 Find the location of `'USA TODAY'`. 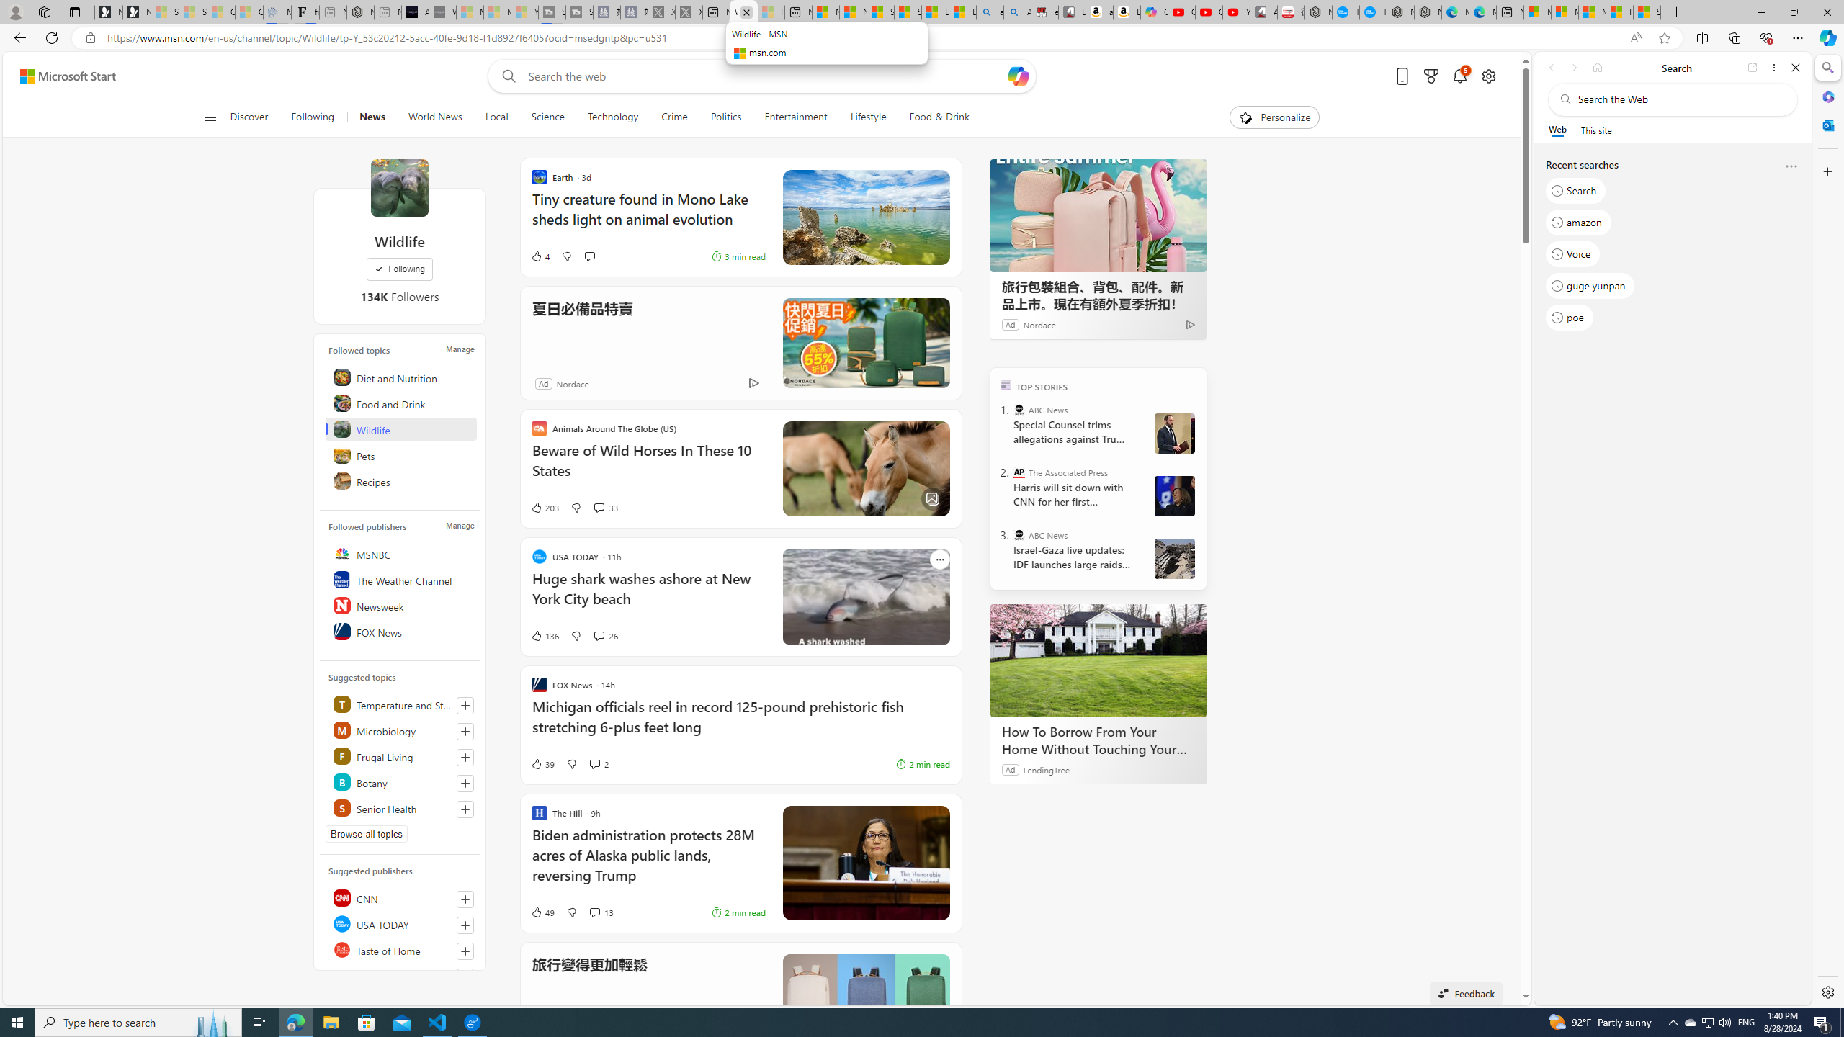

'USA TODAY' is located at coordinates (402, 923).